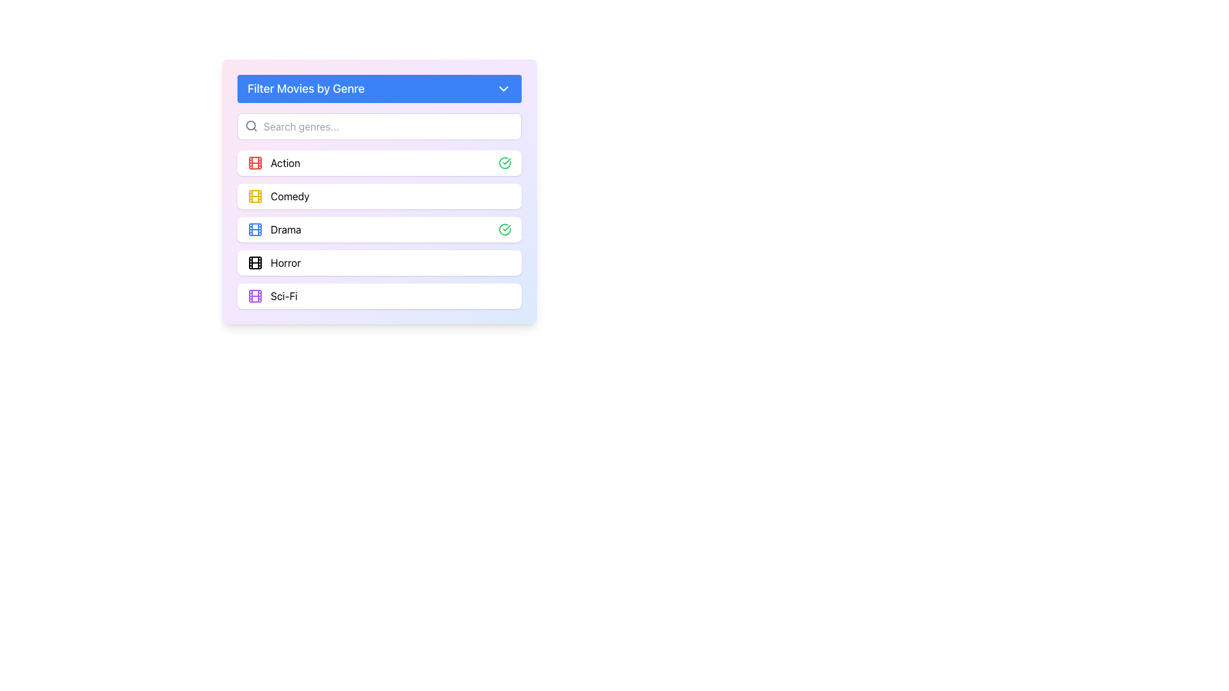 The width and height of the screenshot is (1229, 691). Describe the element at coordinates (255, 296) in the screenshot. I see `the Visual Icon Component representing the 'Action' movie genre, located near the top left part of the icon group` at that location.